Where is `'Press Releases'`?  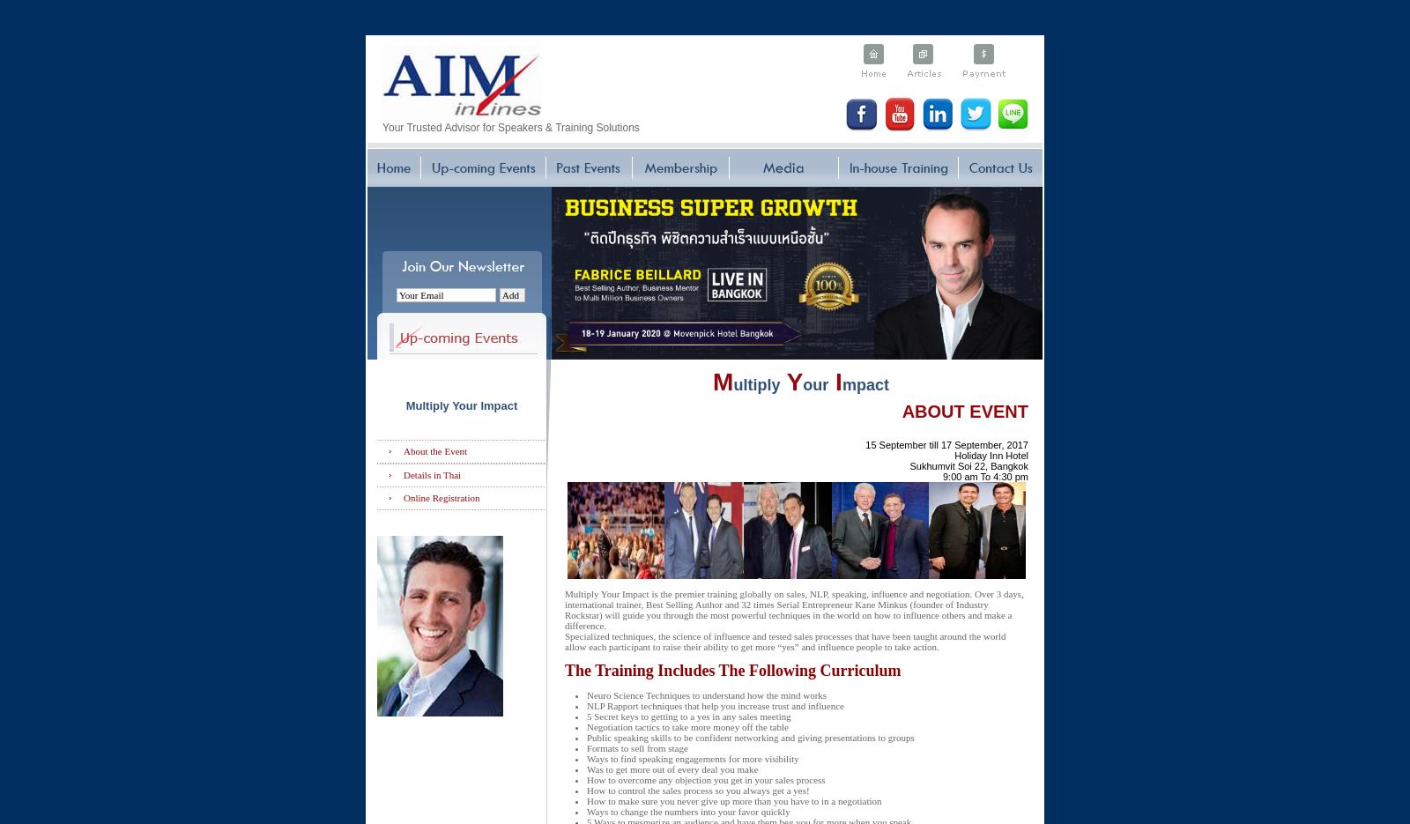 'Press Releases' is located at coordinates (401, 6).